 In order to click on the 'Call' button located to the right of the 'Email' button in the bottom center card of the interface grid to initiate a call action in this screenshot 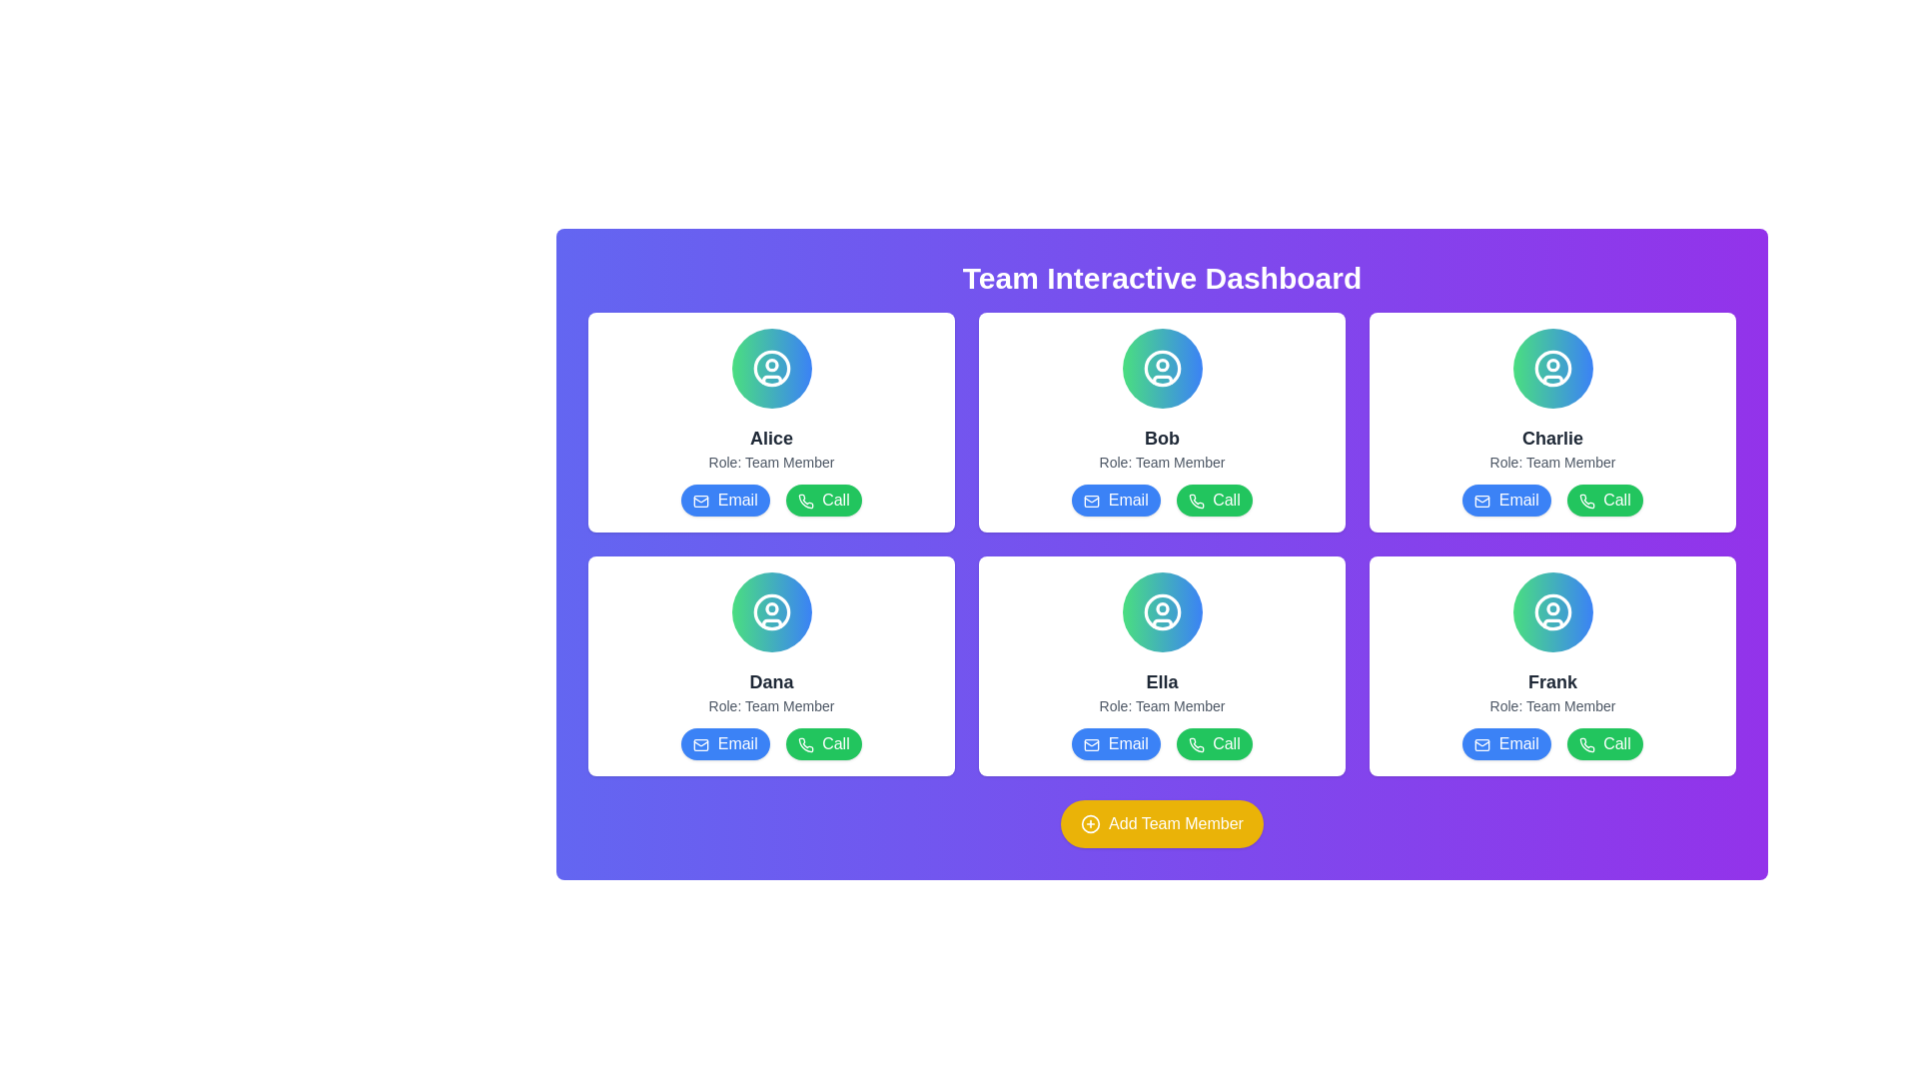, I will do `click(1213, 743)`.